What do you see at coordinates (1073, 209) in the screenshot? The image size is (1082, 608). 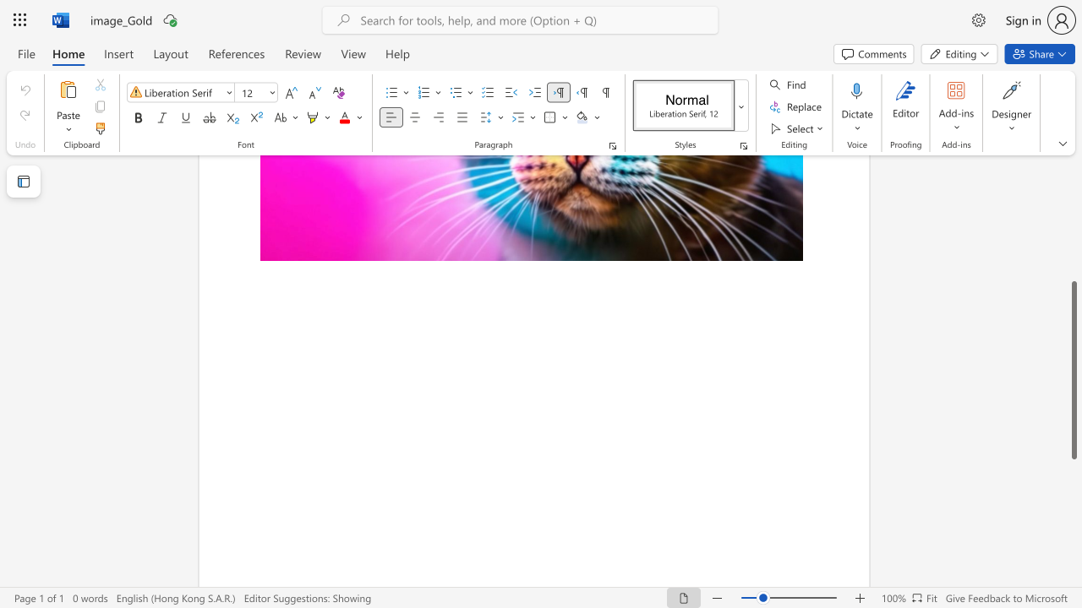 I see `the scrollbar to move the page up` at bounding box center [1073, 209].